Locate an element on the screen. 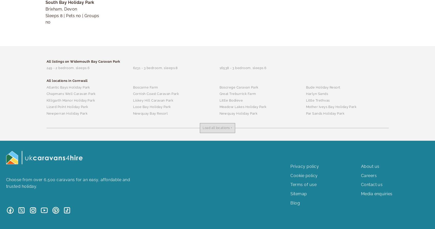 Image resolution: width=435 pixels, height=229 pixels. 'Media enquiries' is located at coordinates (360, 193).